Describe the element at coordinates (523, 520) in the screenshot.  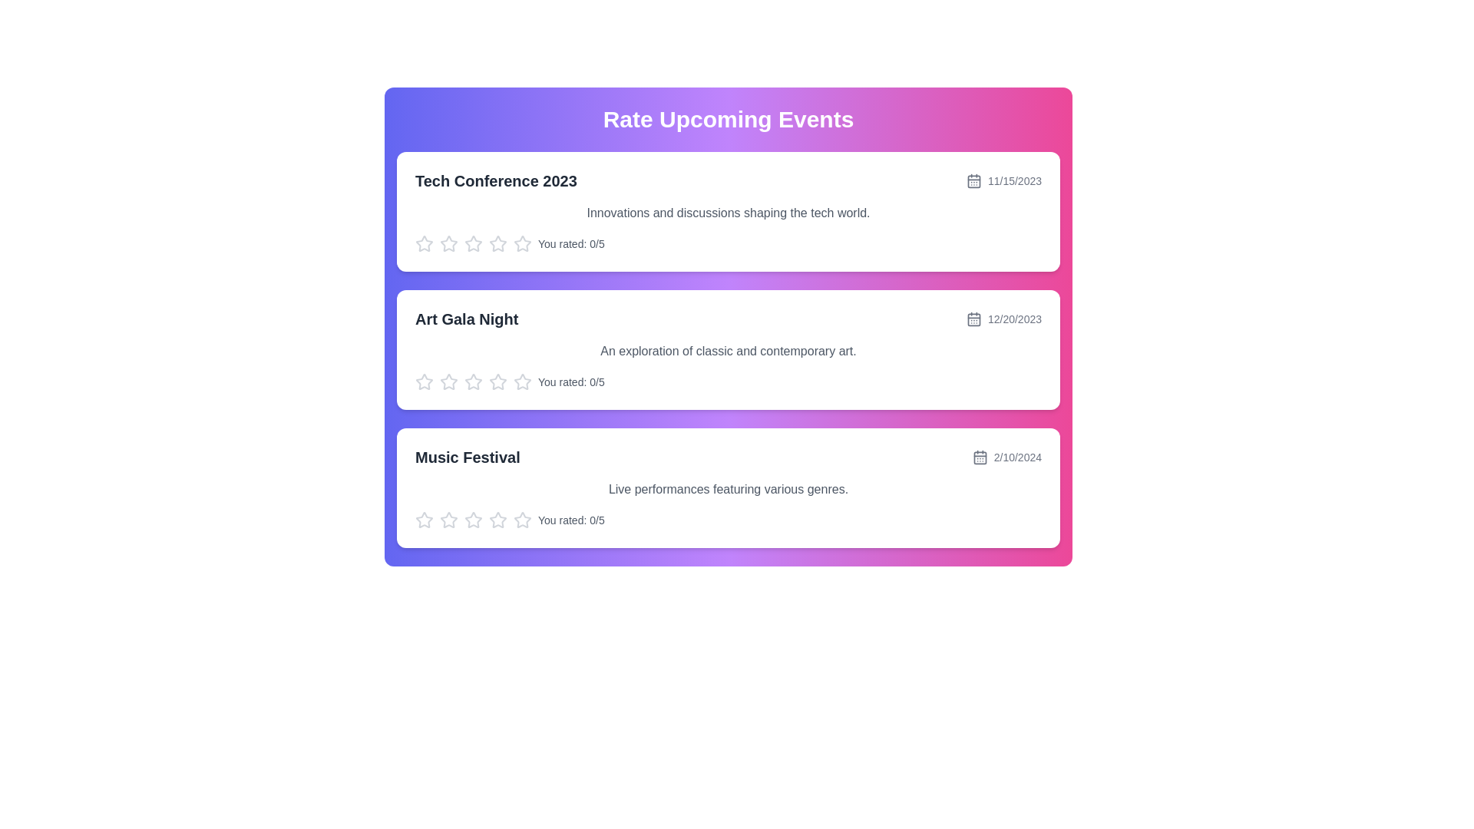
I see `the fifth star icon in the rating widget to give a 5-star rating for the Music Festival event` at that location.